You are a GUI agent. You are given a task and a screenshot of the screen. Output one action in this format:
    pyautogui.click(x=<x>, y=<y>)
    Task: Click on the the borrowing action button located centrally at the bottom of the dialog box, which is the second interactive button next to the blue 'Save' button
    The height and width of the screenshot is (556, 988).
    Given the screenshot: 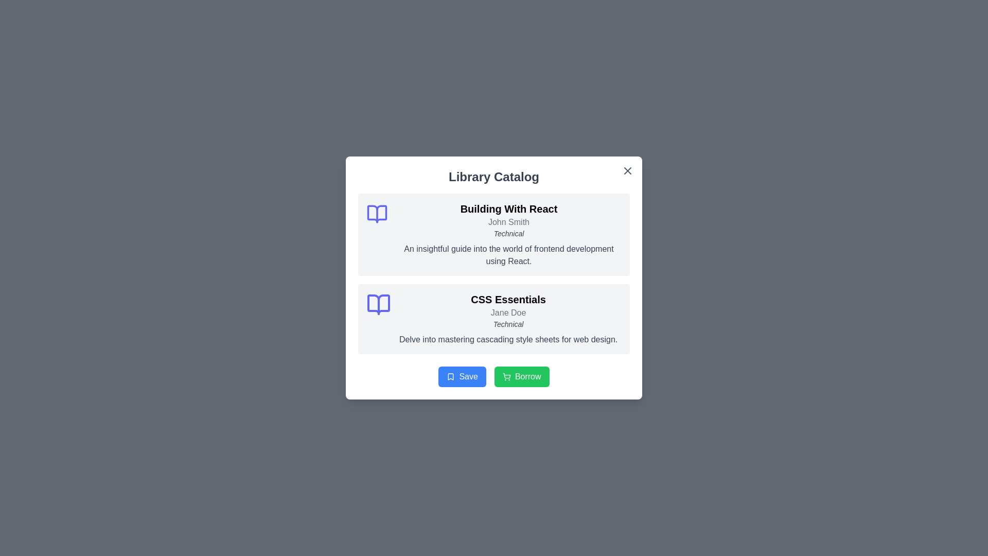 What is the action you would take?
    pyautogui.click(x=522, y=377)
    